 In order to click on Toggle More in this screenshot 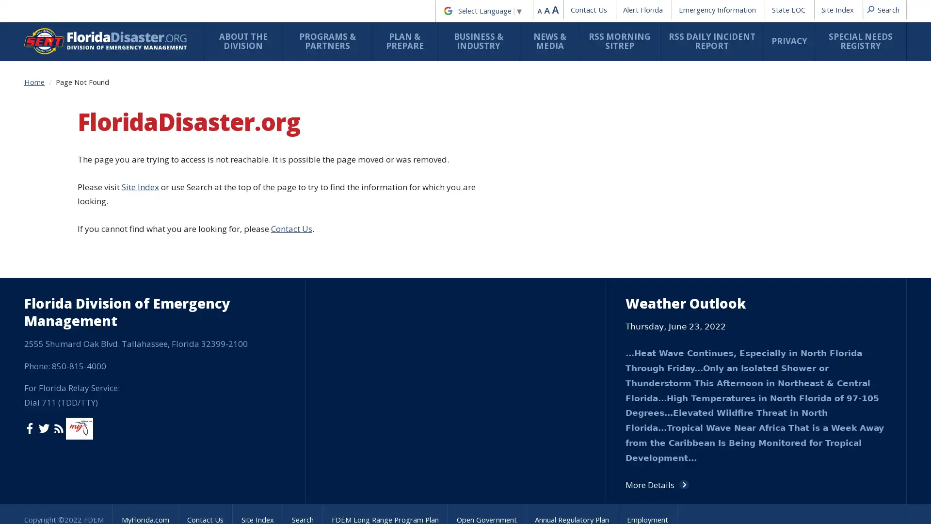, I will do `click(557, 189)`.